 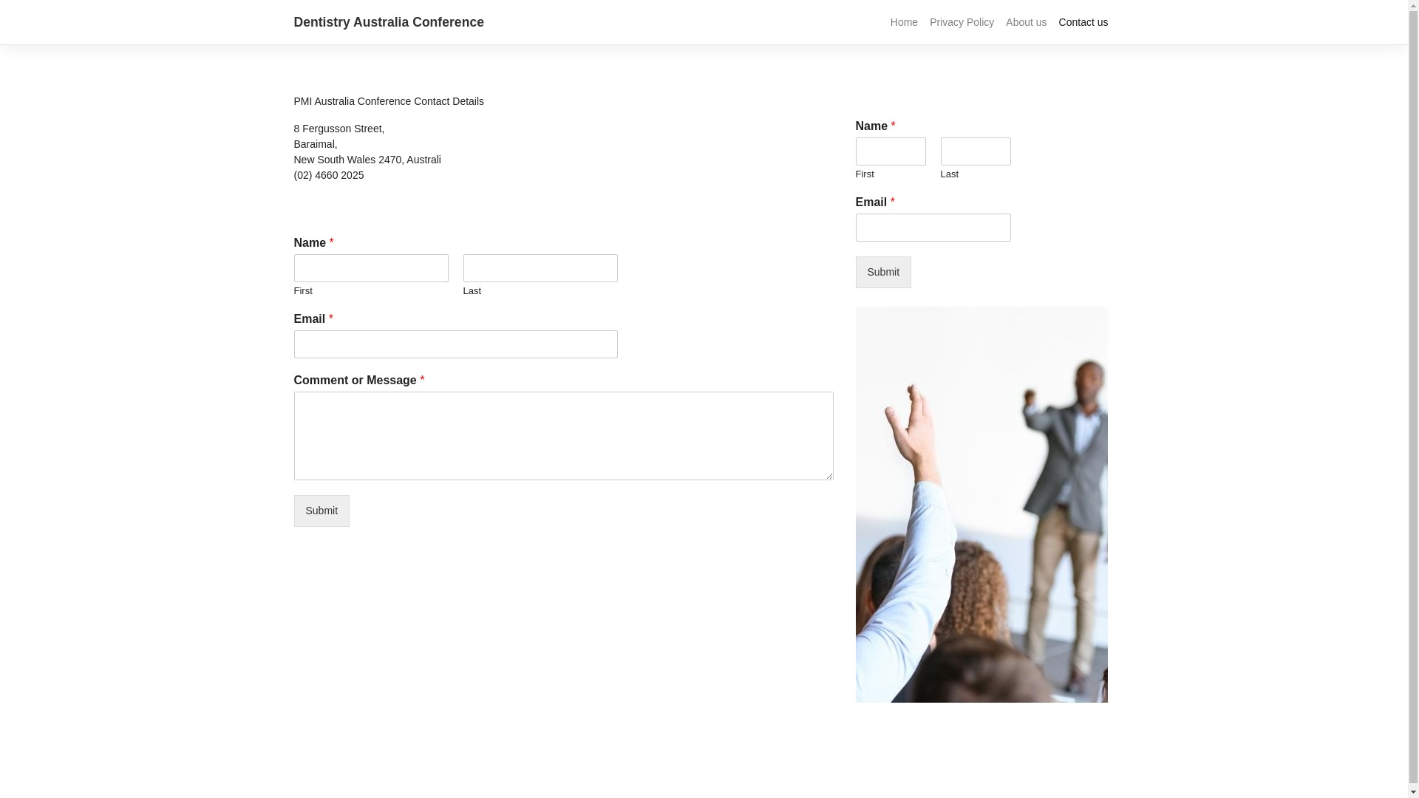 I want to click on 'About us', so click(x=1000, y=22).